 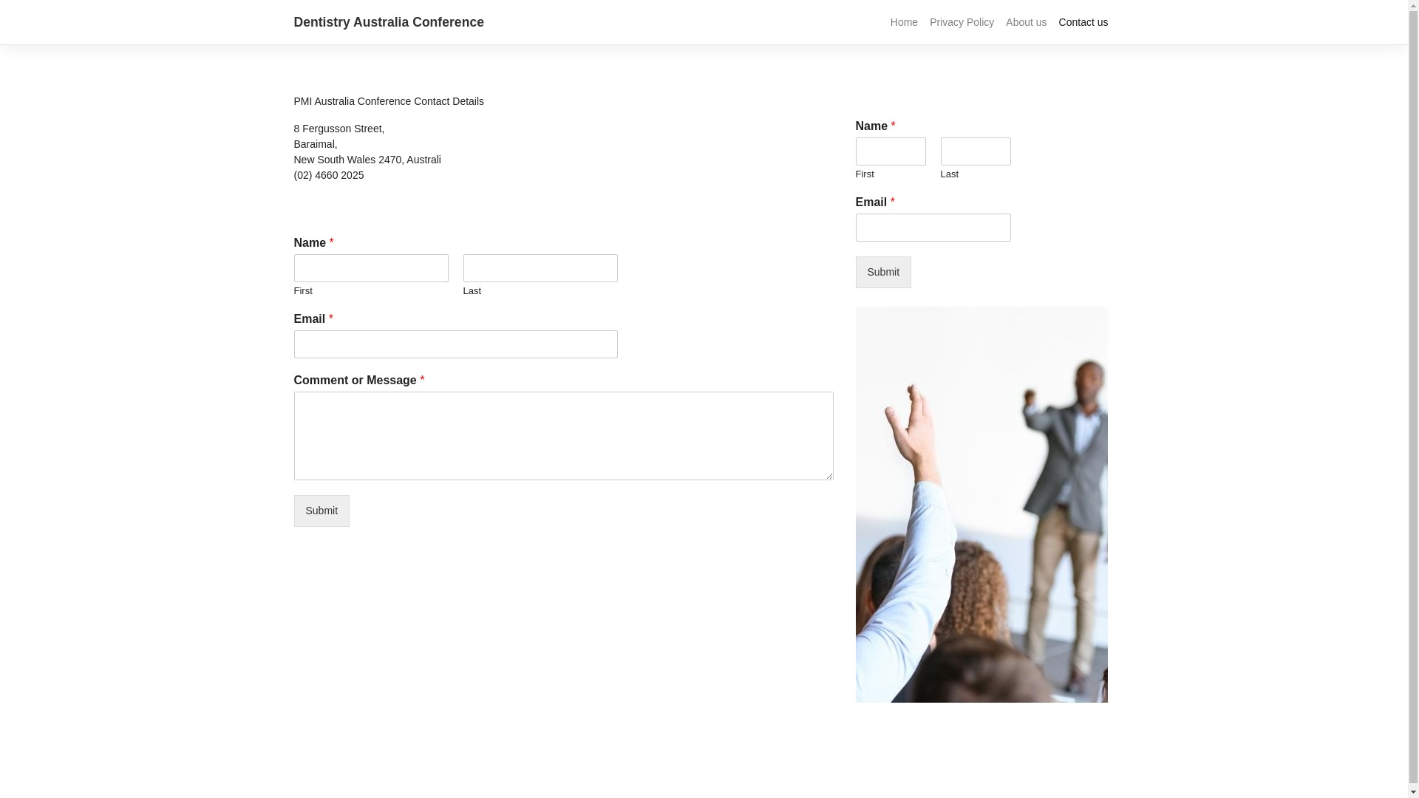 I want to click on 'About us', so click(x=1000, y=22).